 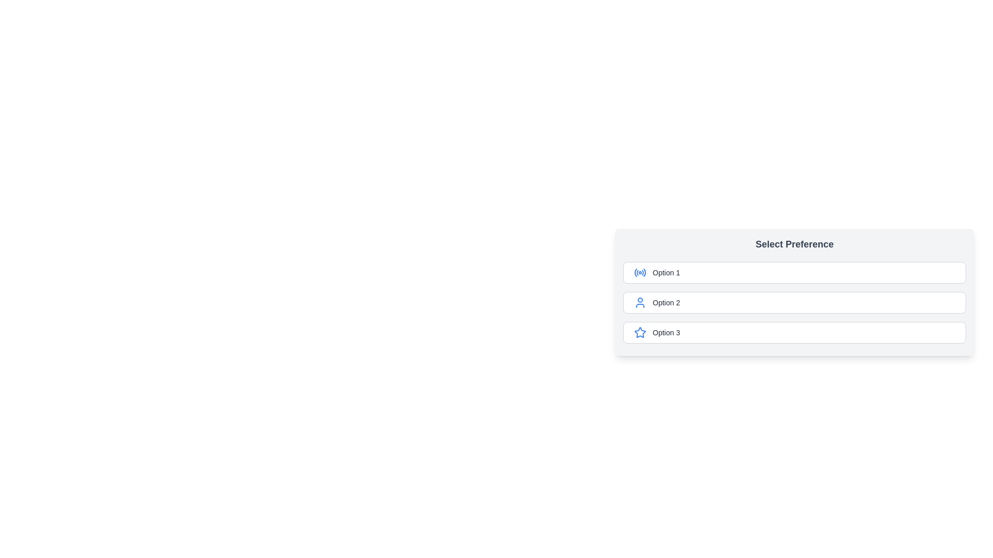 I want to click on the blue star-shaped icon located to the left of the text label 'Option 3' in the third row of the options list, so click(x=640, y=333).